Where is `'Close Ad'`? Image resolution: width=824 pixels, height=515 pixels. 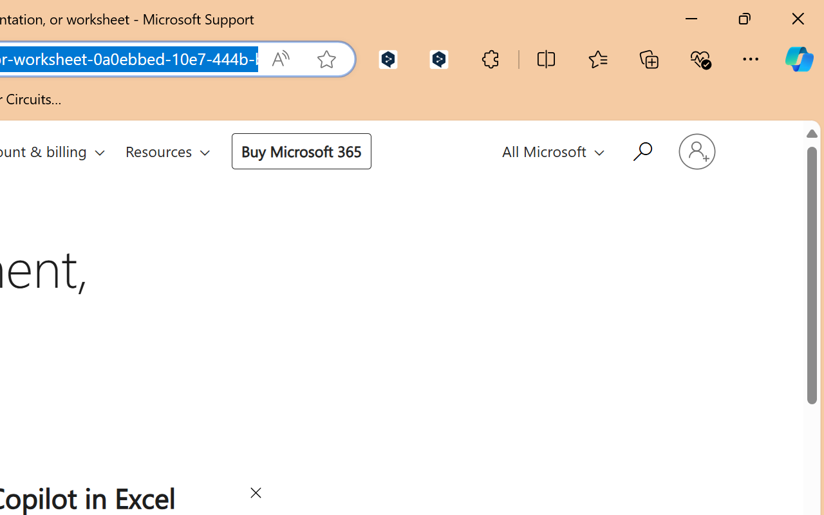 'Close Ad' is located at coordinates (255, 494).